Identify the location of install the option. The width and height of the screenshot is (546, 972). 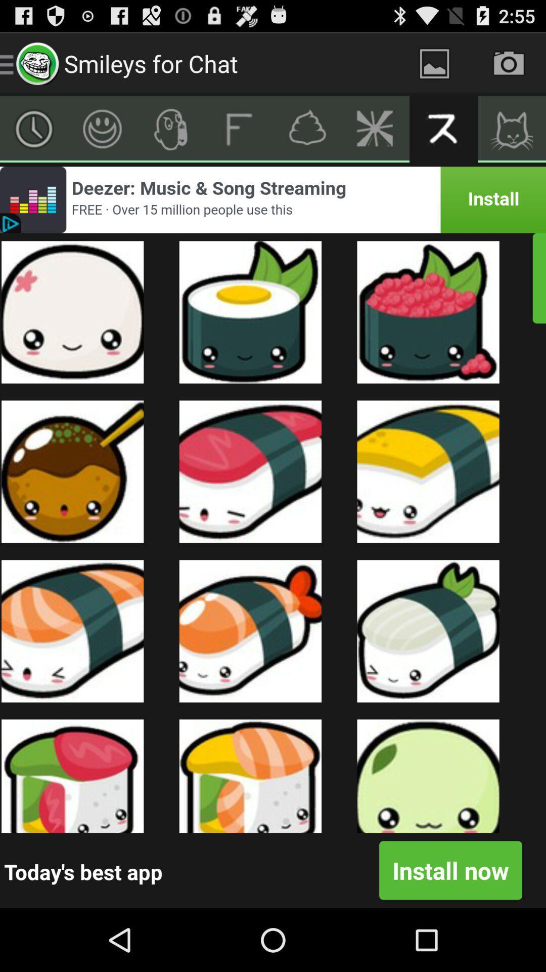
(273, 199).